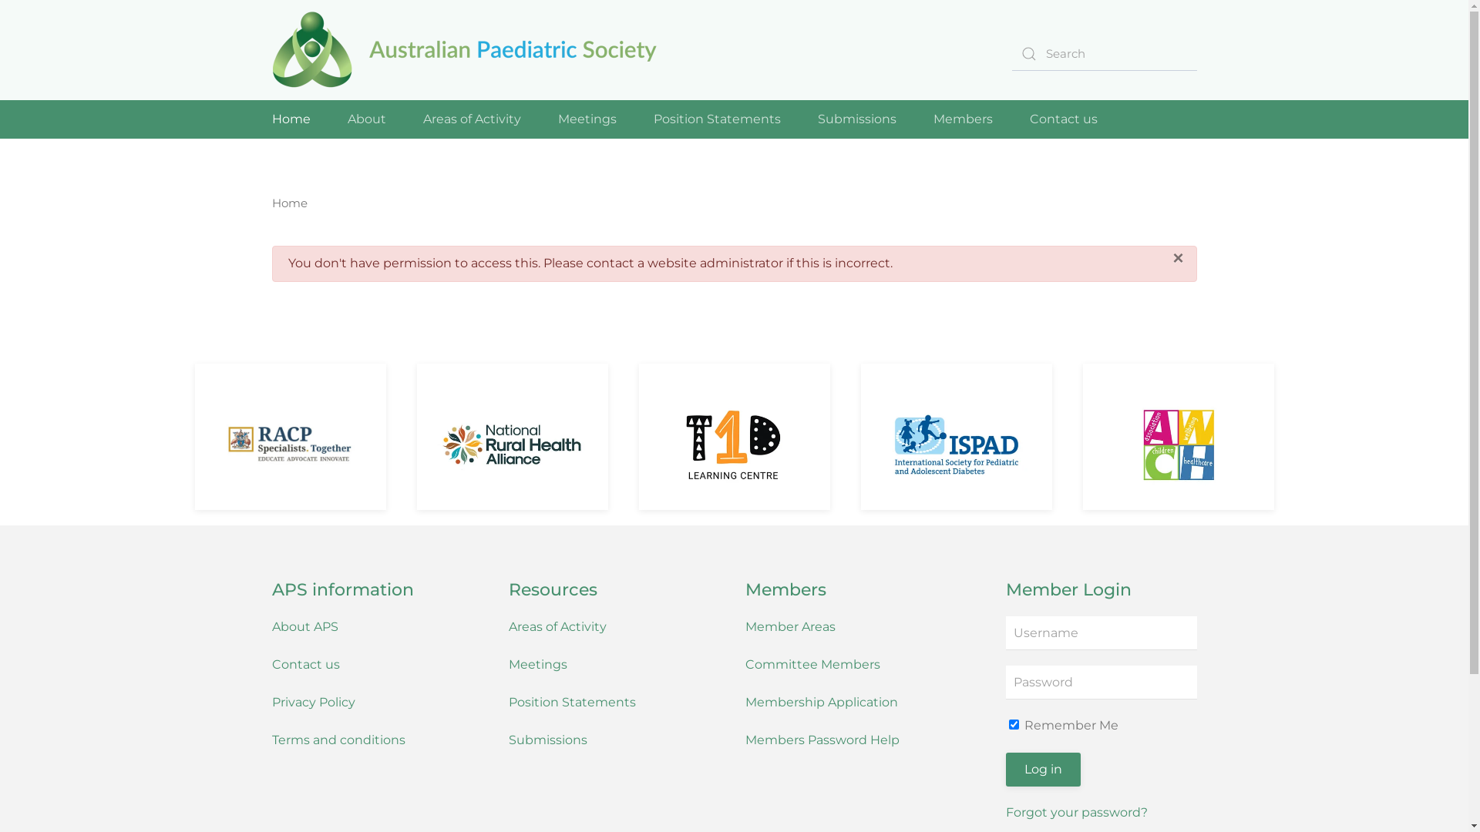 The width and height of the screenshot is (1480, 832). Describe the element at coordinates (1075, 811) in the screenshot. I see `'Forgot your password?'` at that location.